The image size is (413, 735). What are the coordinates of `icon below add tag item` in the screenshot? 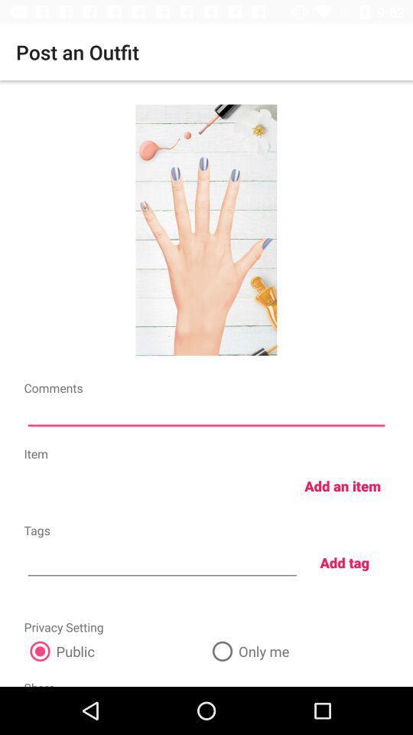 It's located at (298, 650).